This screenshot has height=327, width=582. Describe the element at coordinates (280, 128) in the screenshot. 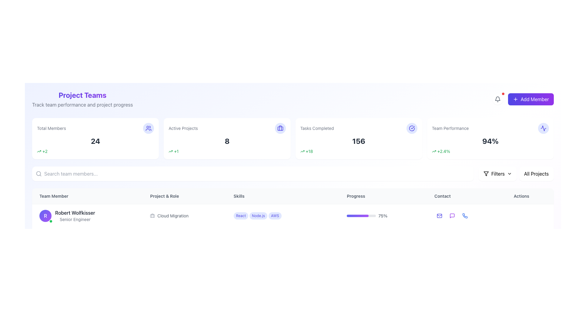

I see `the briefcase icon in the 'Active Projects' card located in the top-left region of the card` at that location.